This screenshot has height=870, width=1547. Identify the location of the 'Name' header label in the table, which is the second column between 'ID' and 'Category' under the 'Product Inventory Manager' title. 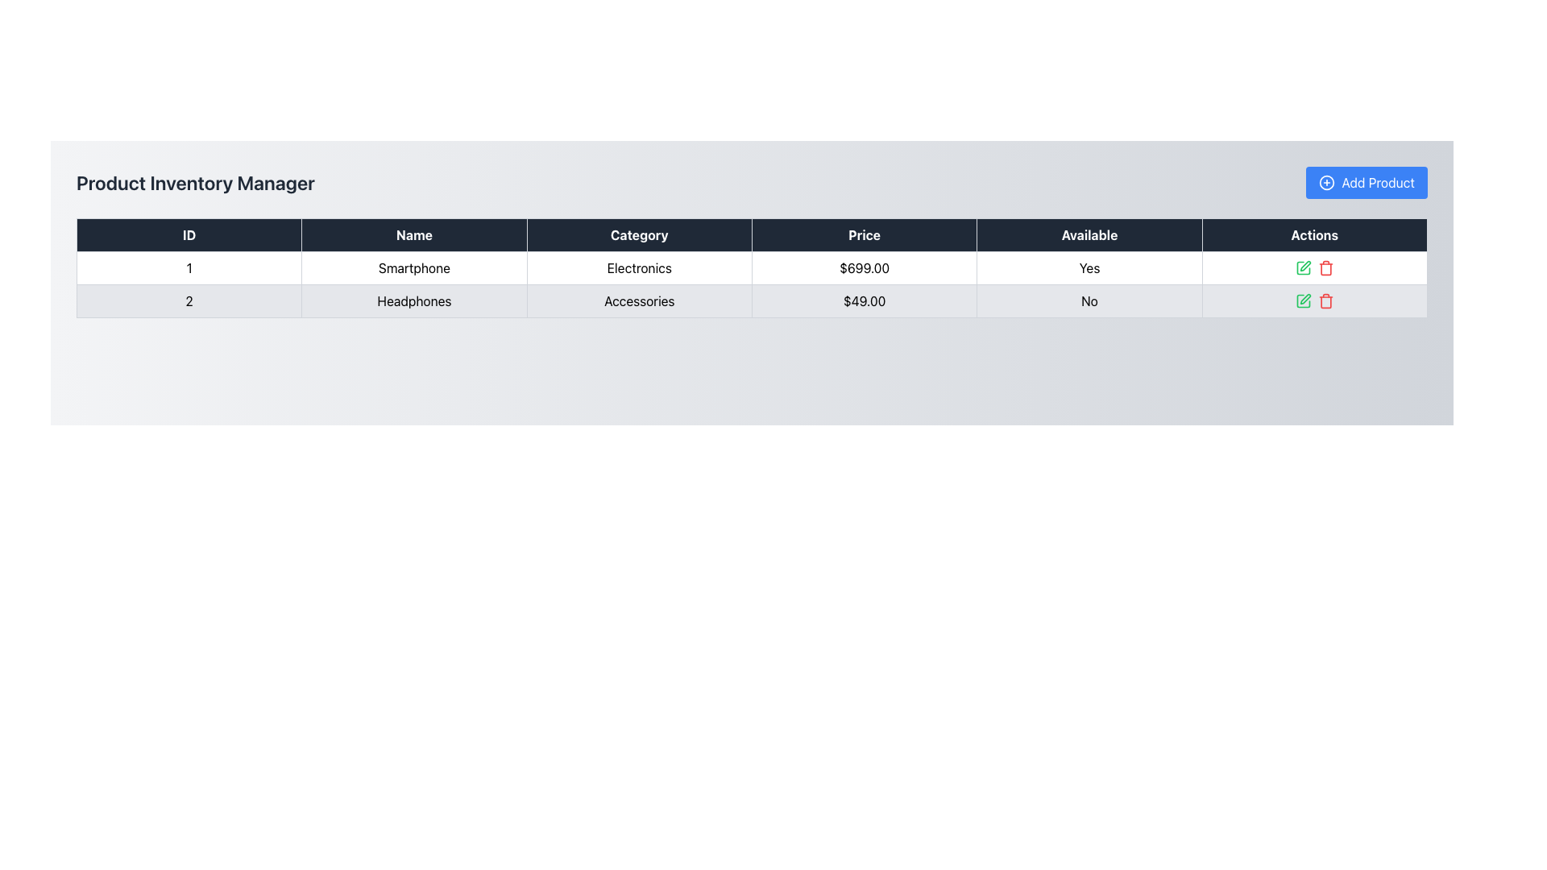
(414, 235).